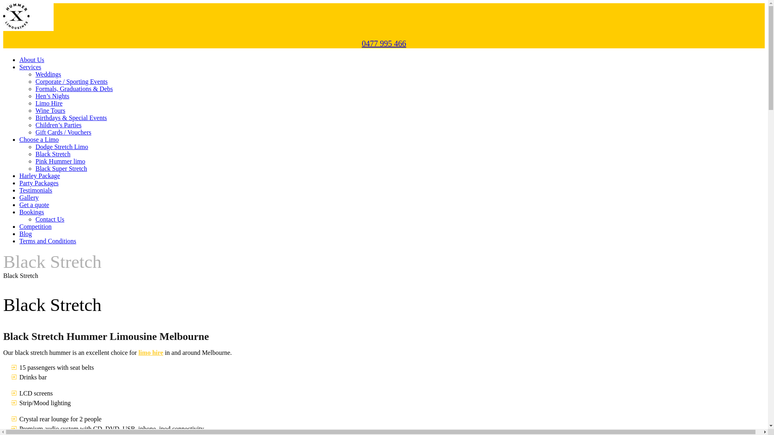 This screenshot has width=774, height=435. What do you see at coordinates (61, 147) in the screenshot?
I see `'Dodge Stretch Limo'` at bounding box center [61, 147].